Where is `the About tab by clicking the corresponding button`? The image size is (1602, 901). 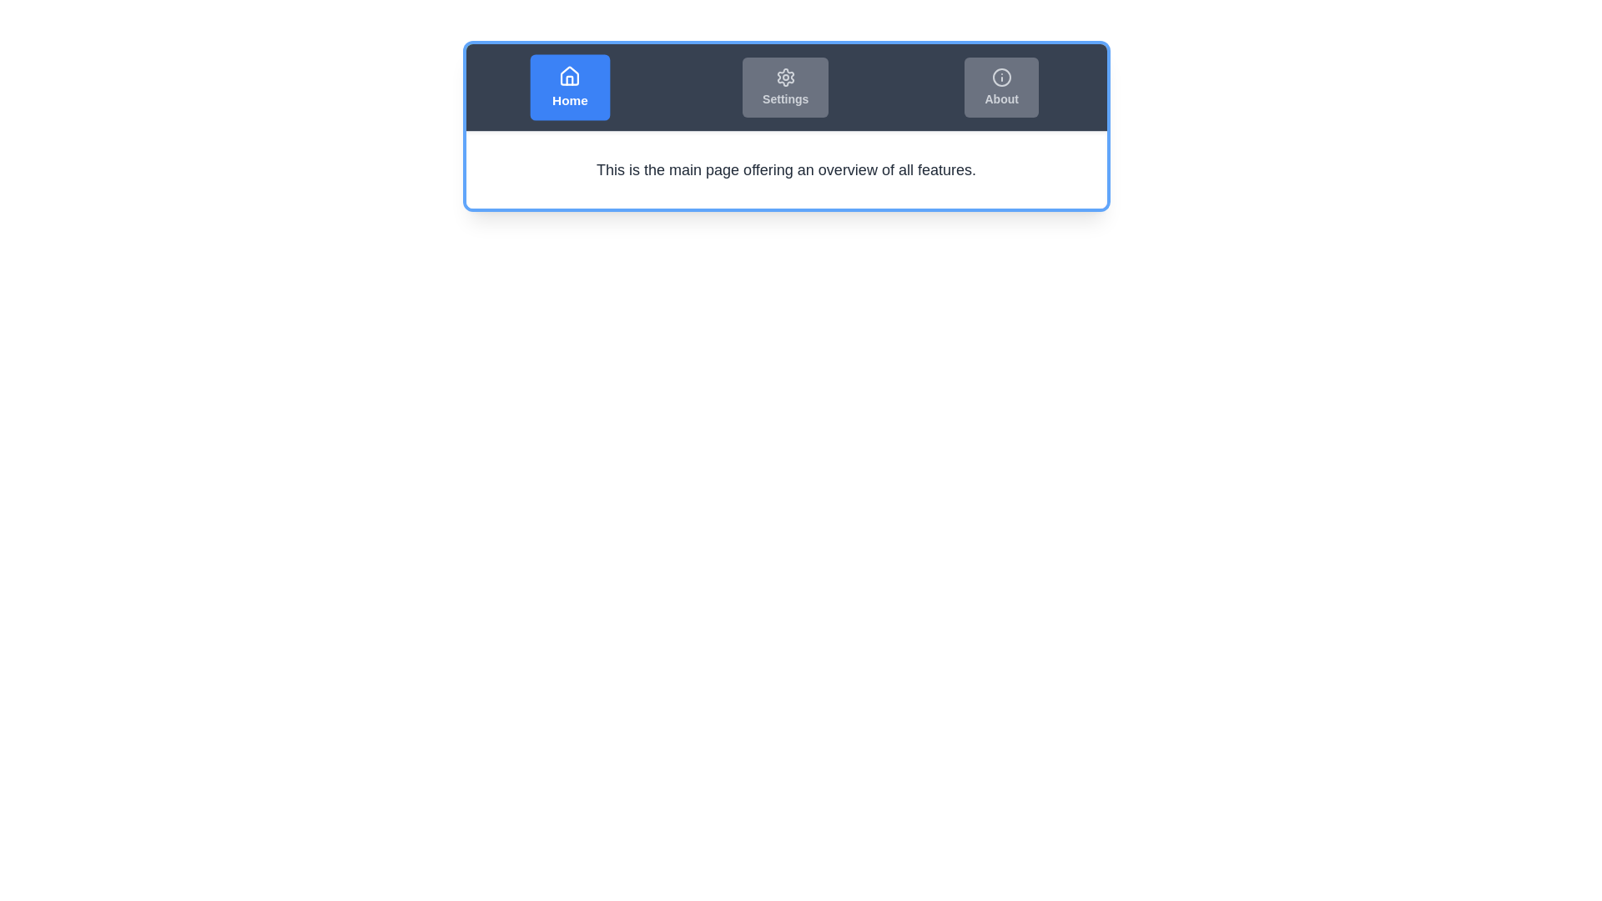 the About tab by clicking the corresponding button is located at coordinates (1001, 87).